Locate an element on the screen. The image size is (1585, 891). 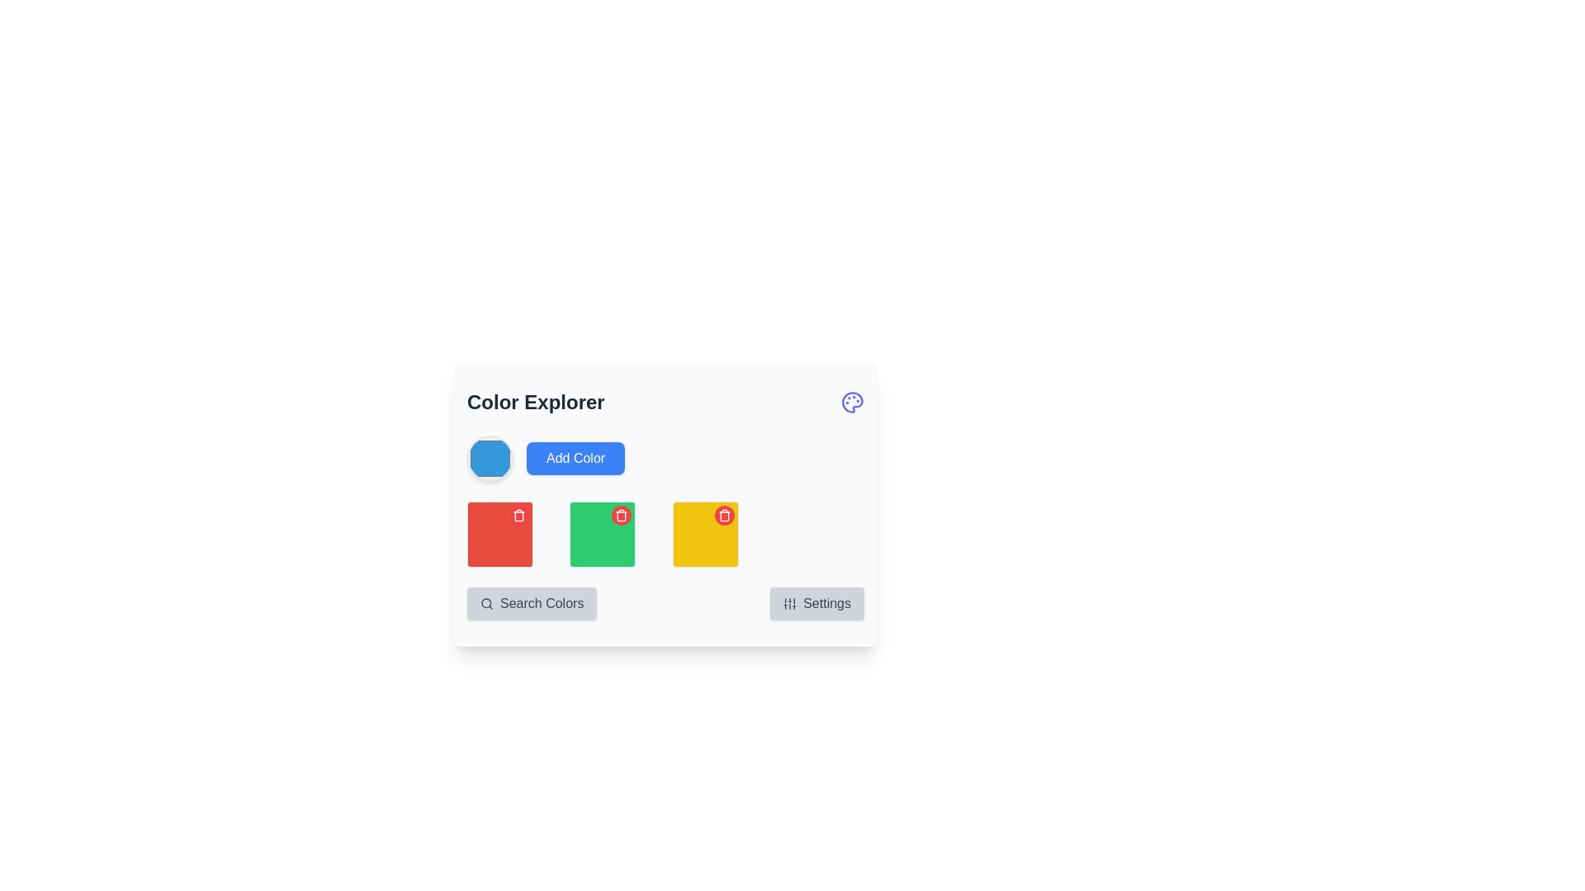
to select the first square red tile with rounded corners that has a trash icon in the top-right corner is located at coordinates (499, 535).